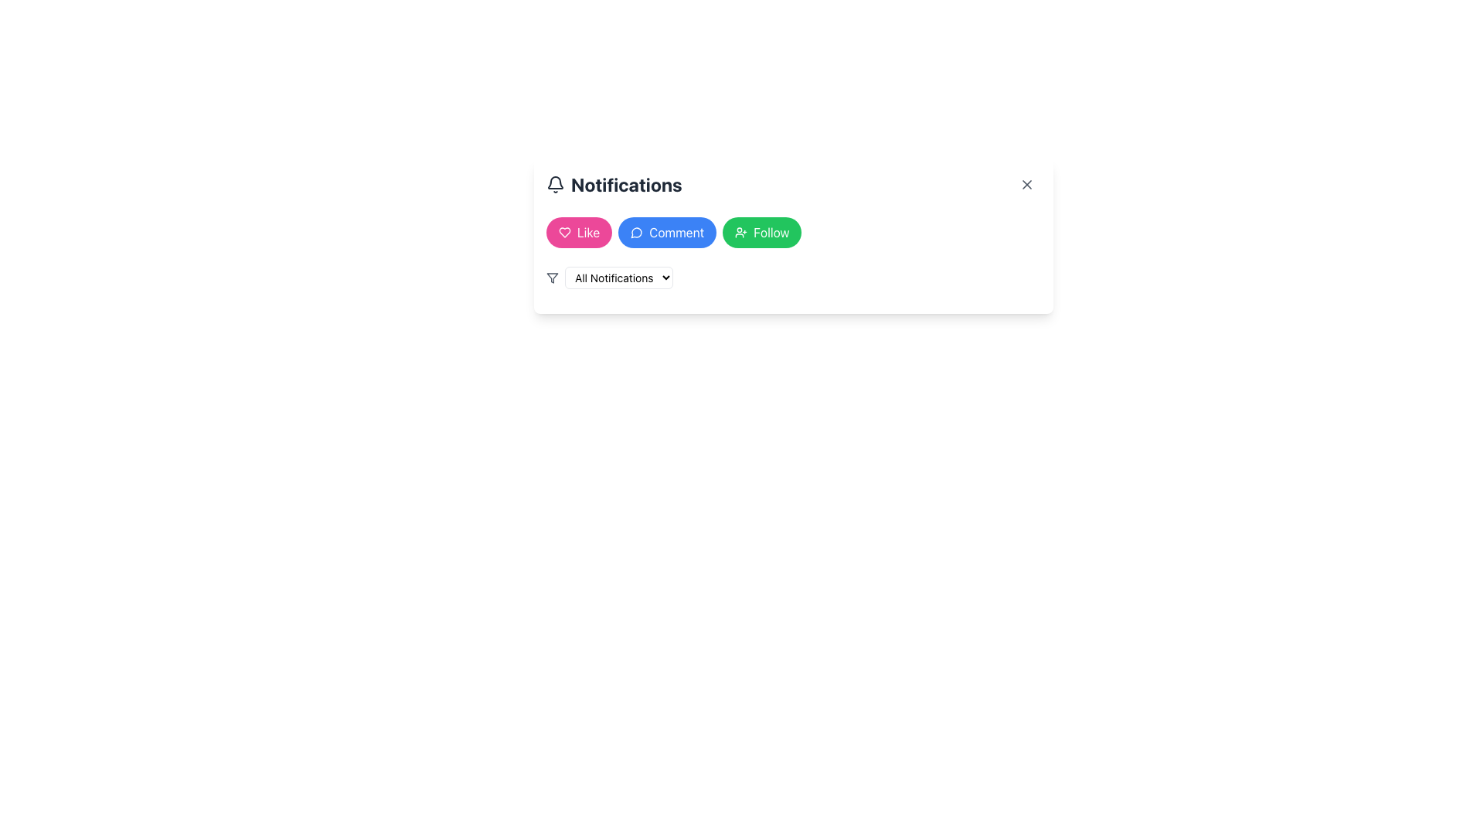  What do you see at coordinates (1027, 184) in the screenshot?
I see `the bold gray 'X' icon in the top-right corner of the white notification card` at bounding box center [1027, 184].